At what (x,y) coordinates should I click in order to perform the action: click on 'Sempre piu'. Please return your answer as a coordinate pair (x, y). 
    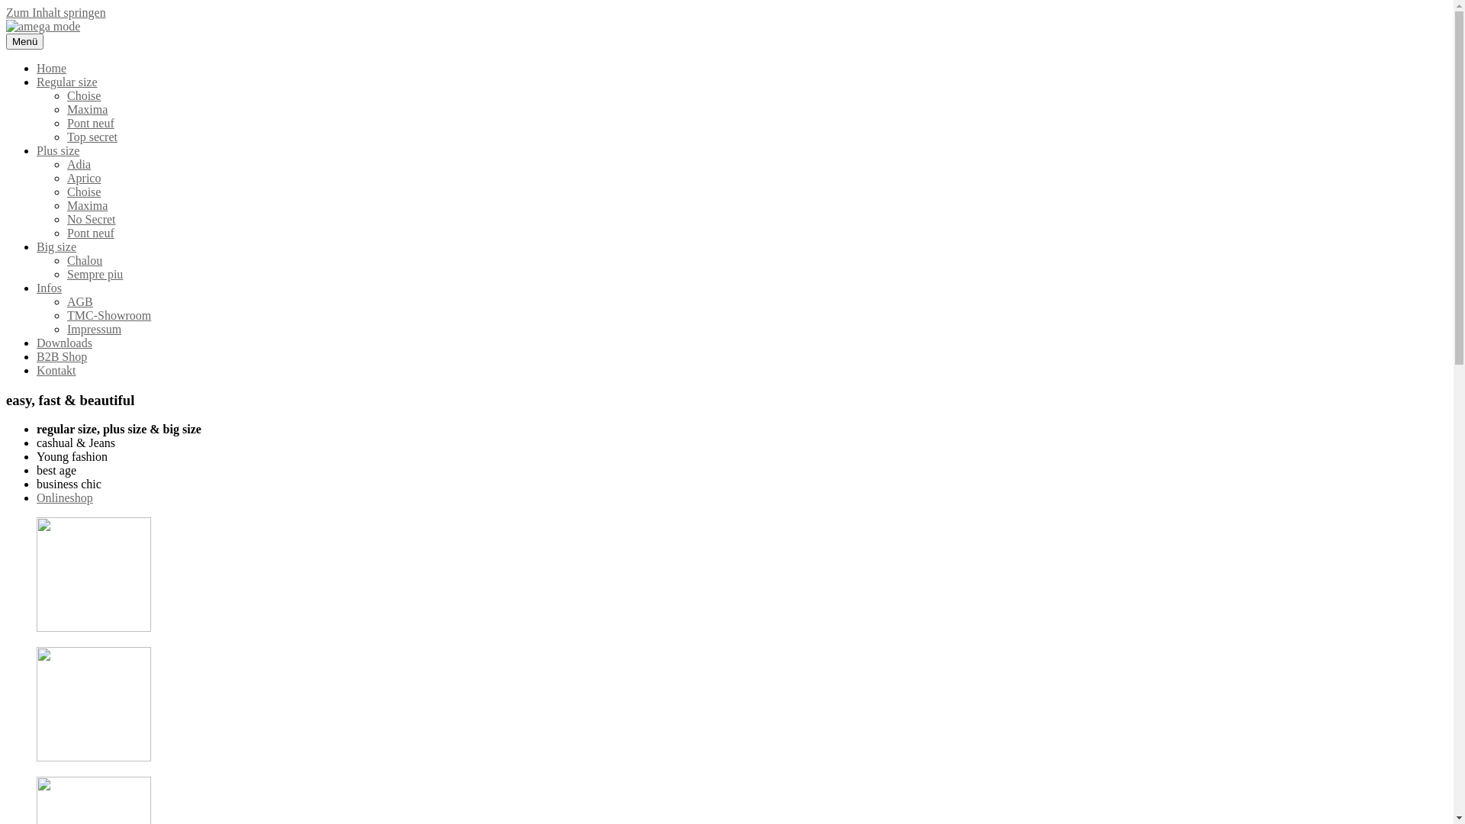
    Looking at the image, I should click on (94, 273).